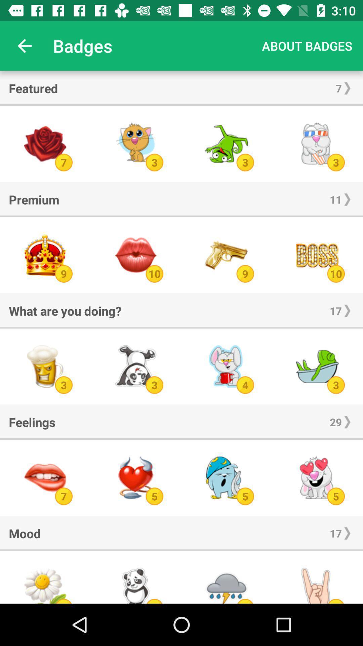 This screenshot has width=363, height=646. What do you see at coordinates (307, 45) in the screenshot?
I see `the app to the right of the badges app` at bounding box center [307, 45].